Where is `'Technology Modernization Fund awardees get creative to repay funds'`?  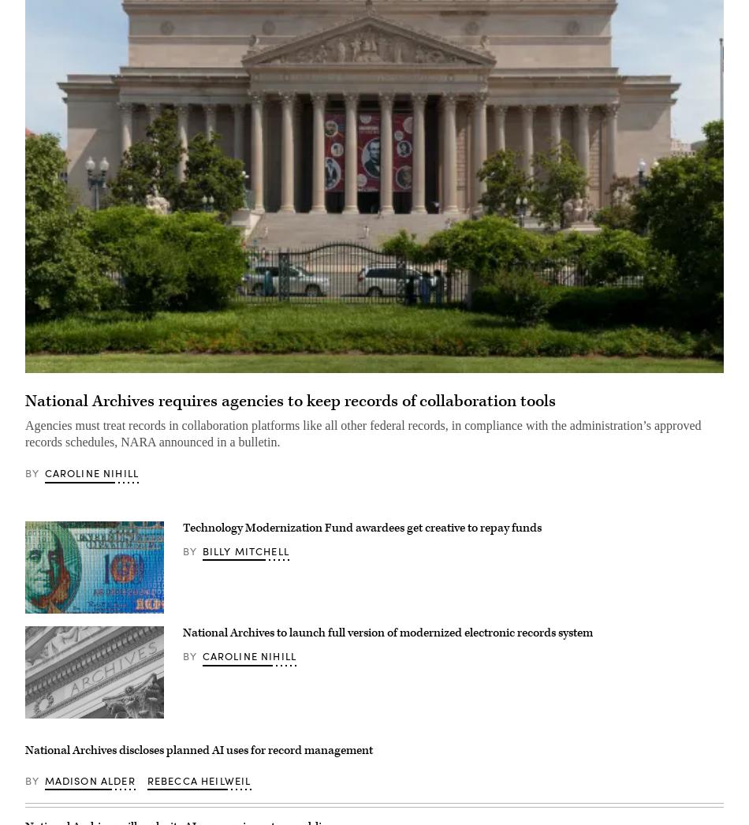 'Technology Modernization Fund awardees get creative to repay funds' is located at coordinates (361, 526).